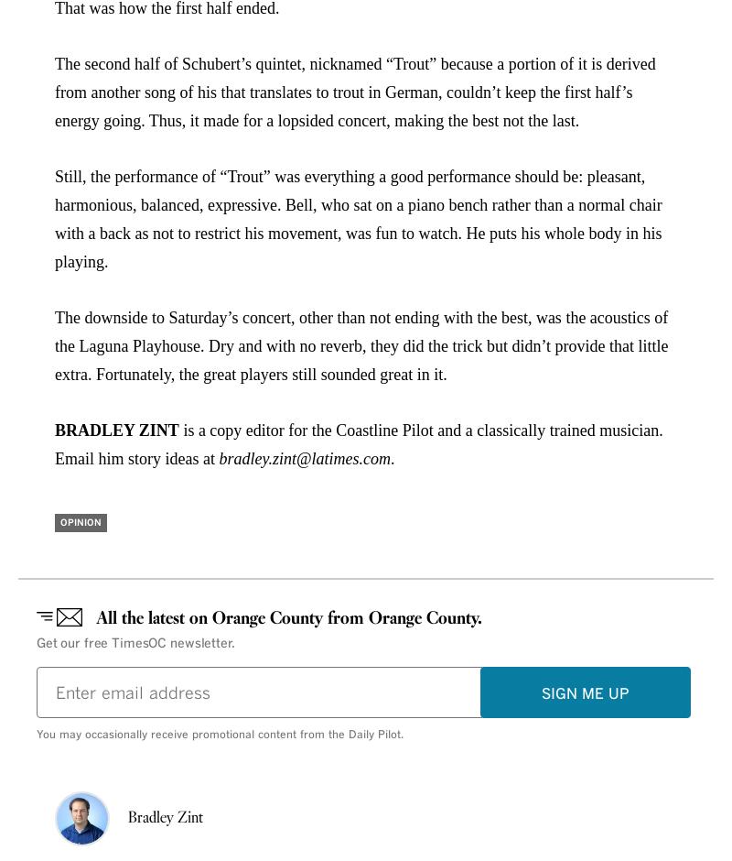 The height and width of the screenshot is (861, 732). What do you see at coordinates (288, 617) in the screenshot?
I see `'All the latest on Orange County from Orange County.'` at bounding box center [288, 617].